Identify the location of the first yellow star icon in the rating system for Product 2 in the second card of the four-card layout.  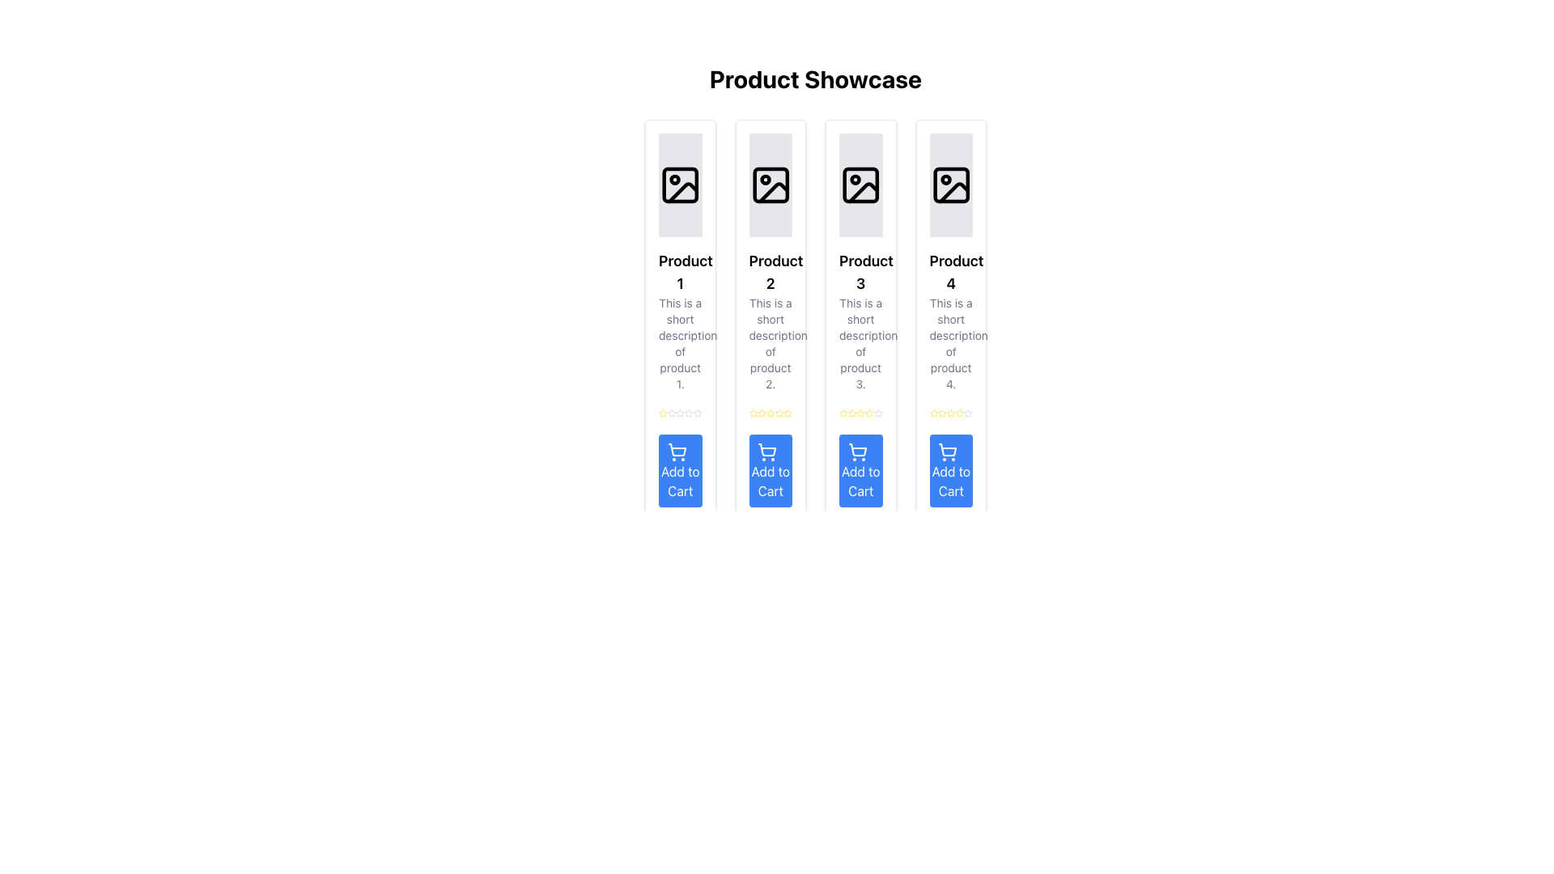
(752, 412).